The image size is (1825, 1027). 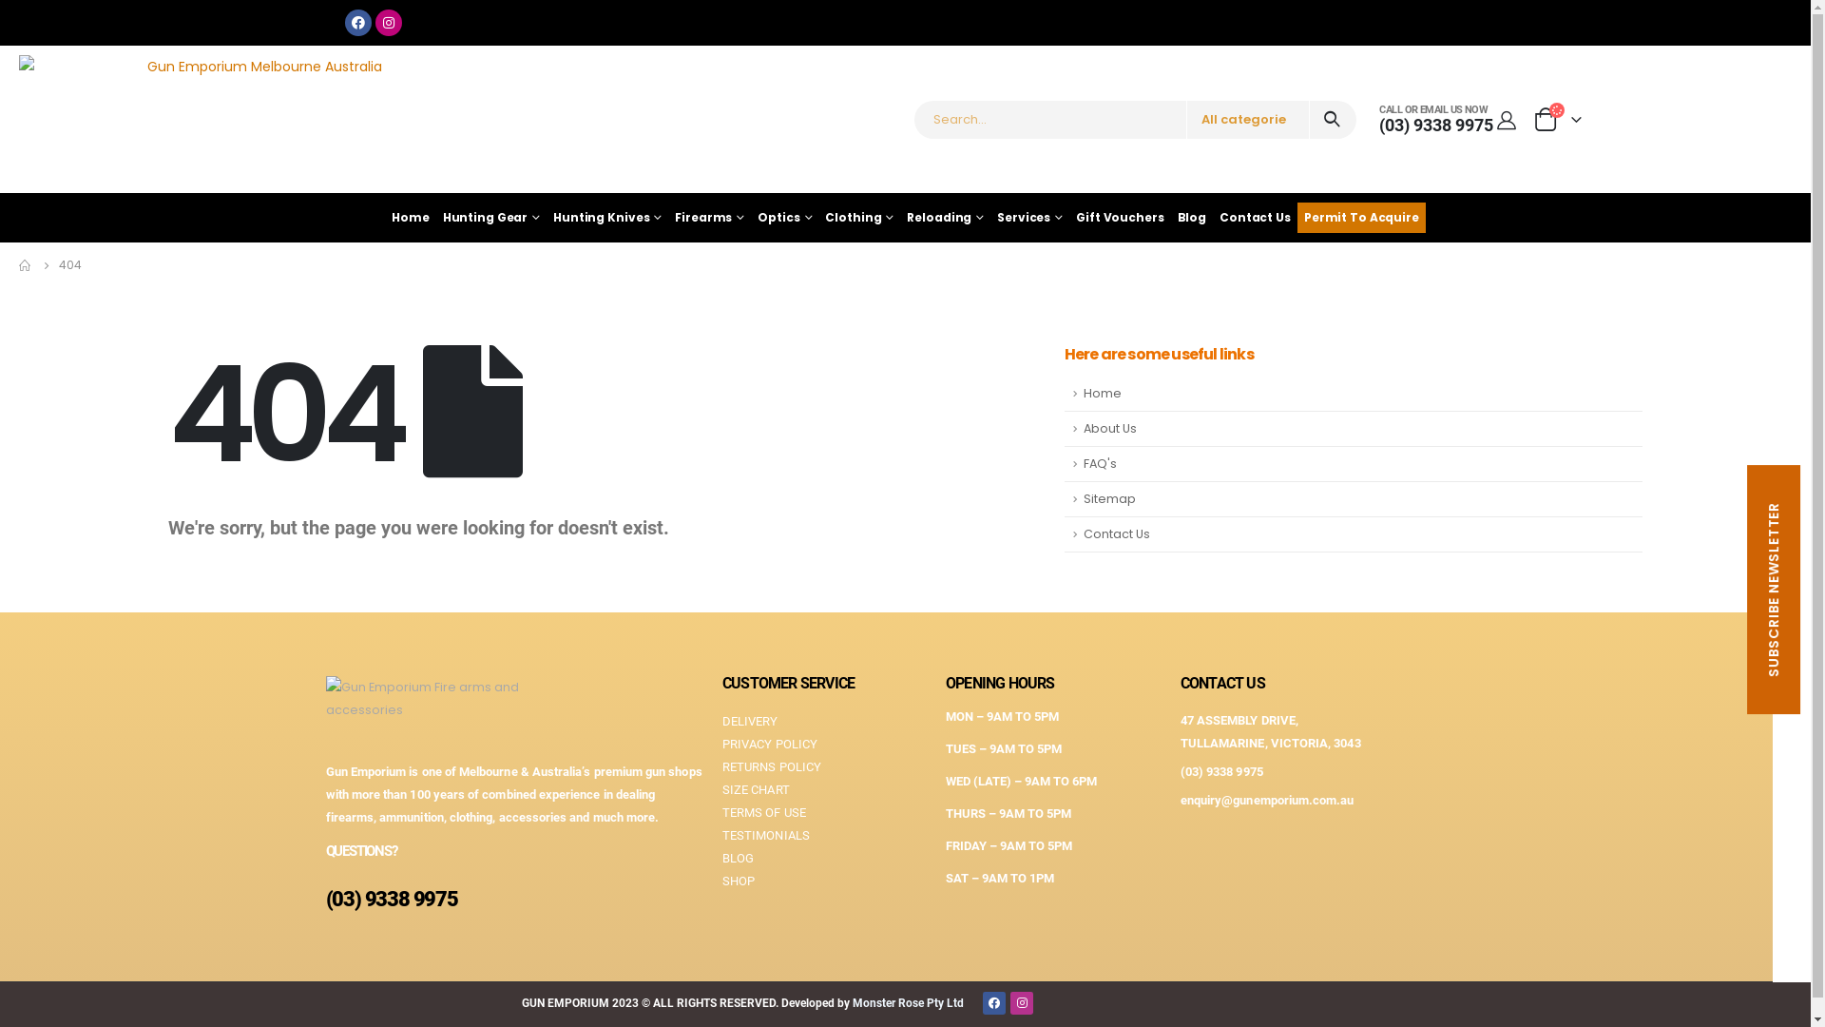 What do you see at coordinates (720, 813) in the screenshot?
I see `'TERMS OF USE'` at bounding box center [720, 813].